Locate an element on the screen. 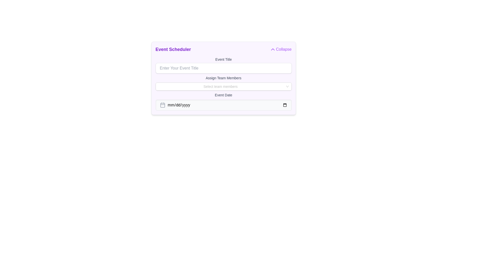 The height and width of the screenshot is (271, 482). the calendar icon located to the left of the empty date input field within the 'Event Date' section is located at coordinates (162, 105).